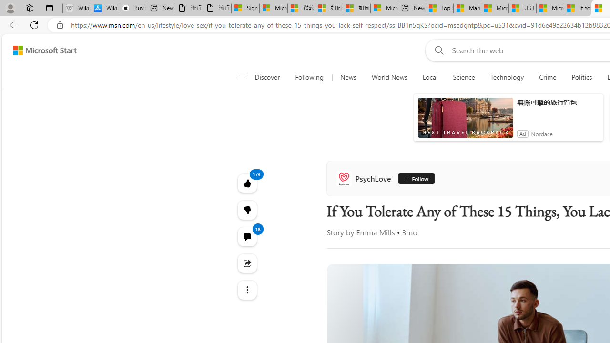 This screenshot has height=343, width=610. What do you see at coordinates (464, 77) in the screenshot?
I see `'Science'` at bounding box center [464, 77].